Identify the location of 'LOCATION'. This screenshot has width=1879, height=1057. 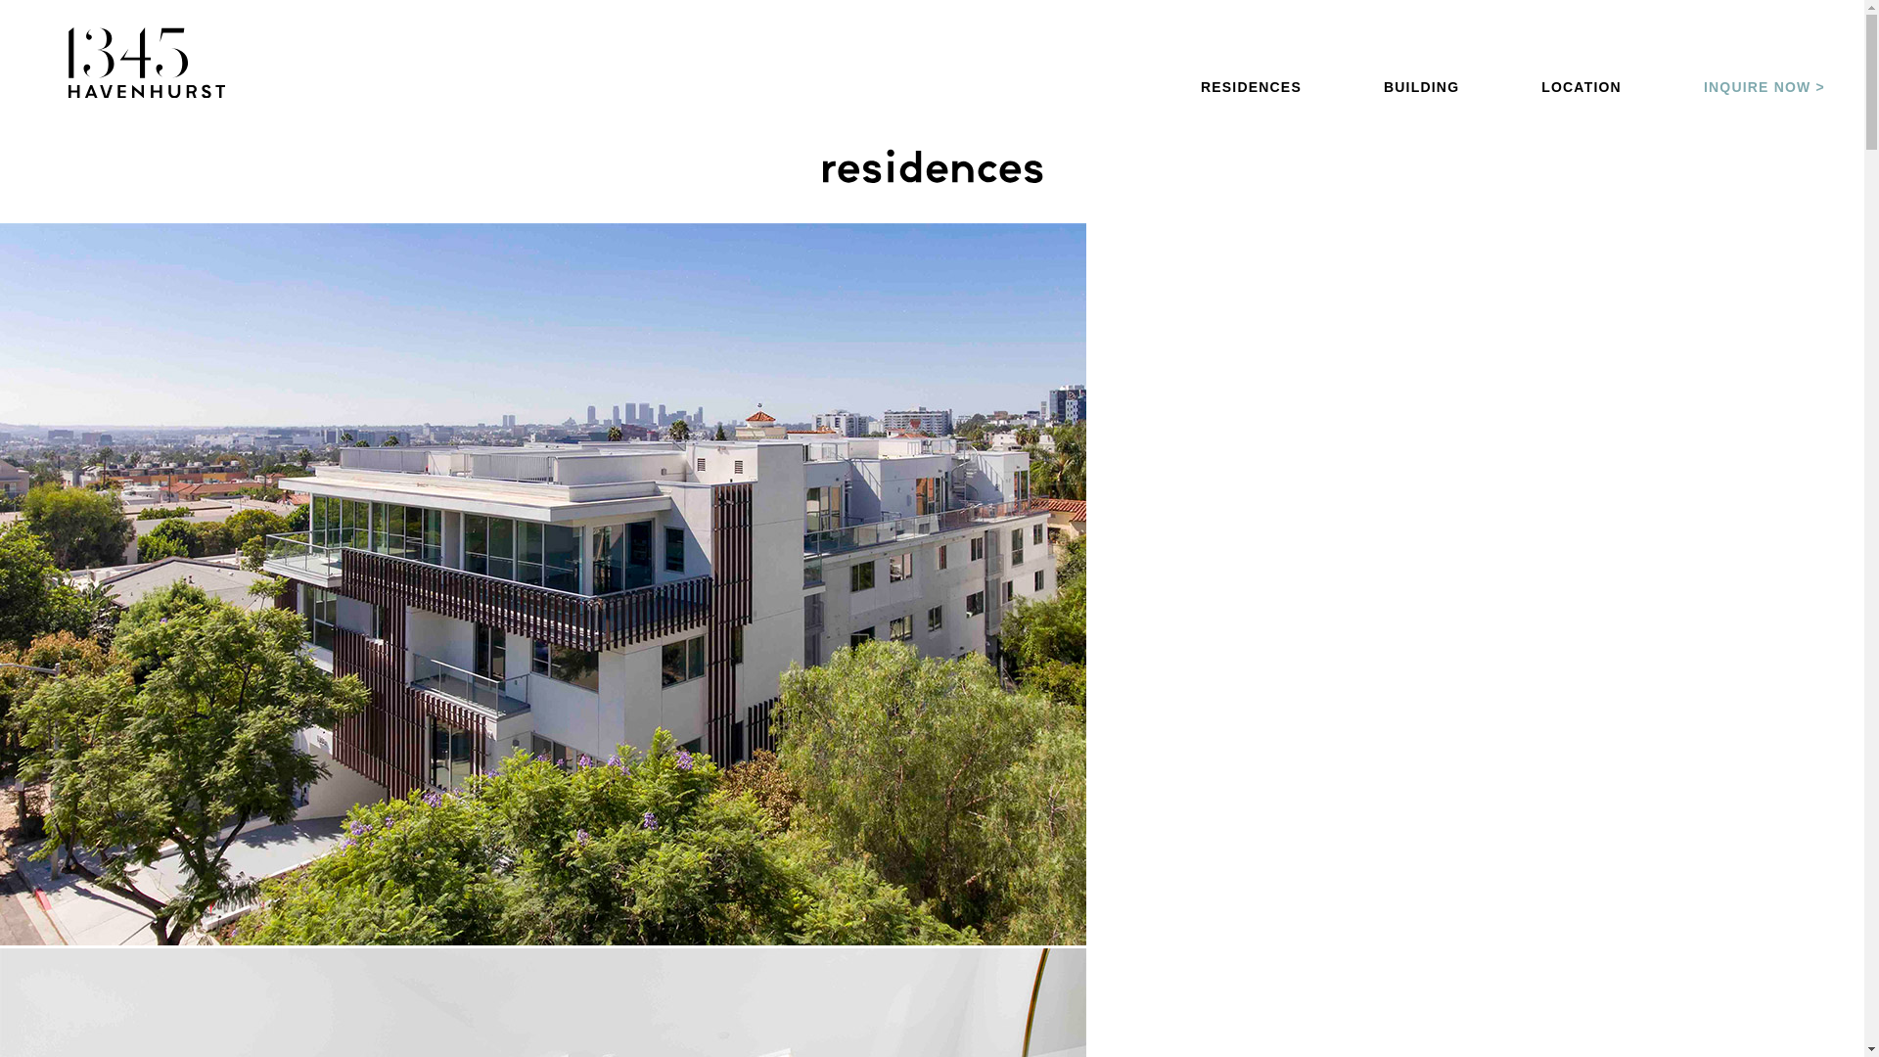
(1581, 85).